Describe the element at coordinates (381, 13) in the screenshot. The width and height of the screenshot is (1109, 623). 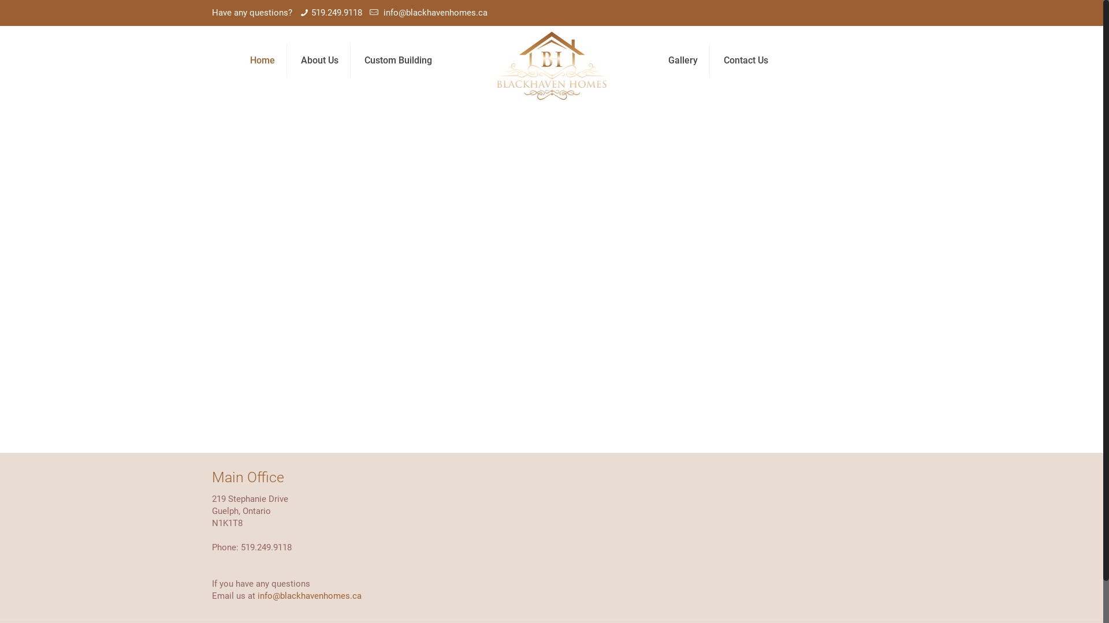
I see `'info@blackhavenhomes.ca'` at that location.